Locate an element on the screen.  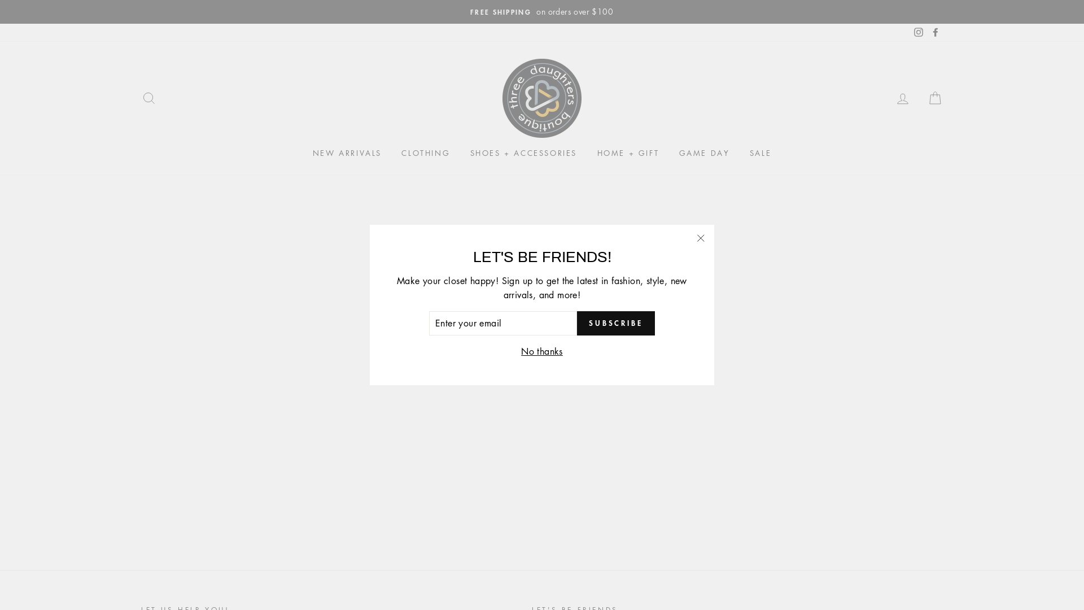
'Facebook' is located at coordinates (935, 32).